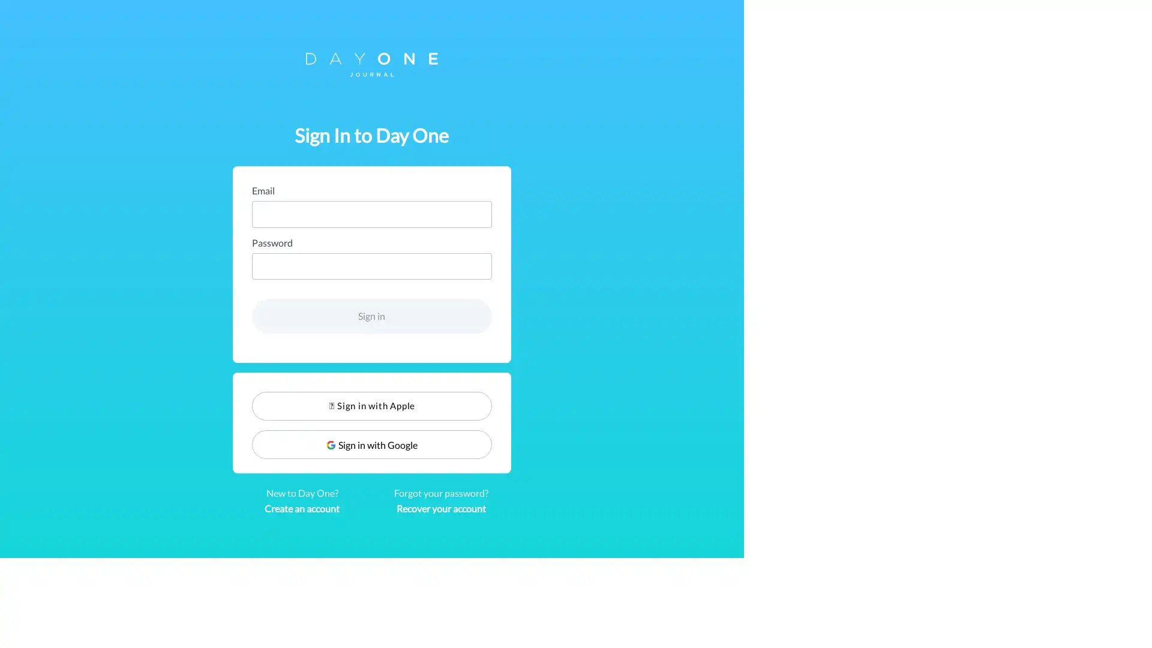 The height and width of the screenshot is (648, 1152). Describe the element at coordinates (576, 316) in the screenshot. I see `Sign in` at that location.